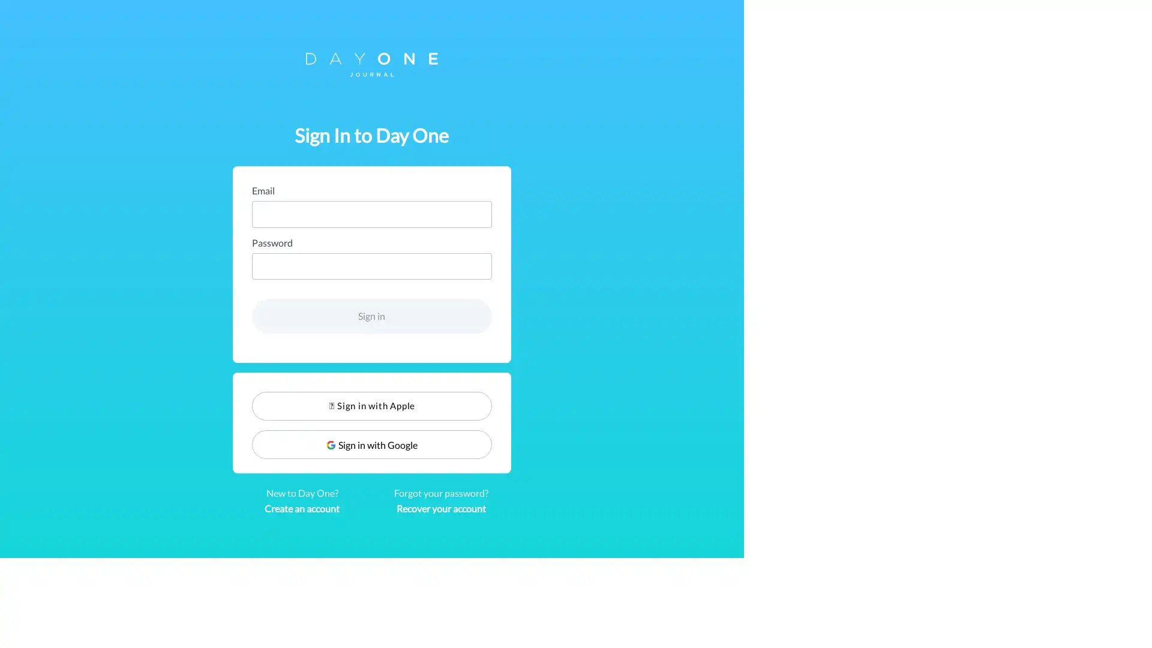 The height and width of the screenshot is (648, 1152). Describe the element at coordinates (576, 316) in the screenshot. I see `Sign in` at that location.